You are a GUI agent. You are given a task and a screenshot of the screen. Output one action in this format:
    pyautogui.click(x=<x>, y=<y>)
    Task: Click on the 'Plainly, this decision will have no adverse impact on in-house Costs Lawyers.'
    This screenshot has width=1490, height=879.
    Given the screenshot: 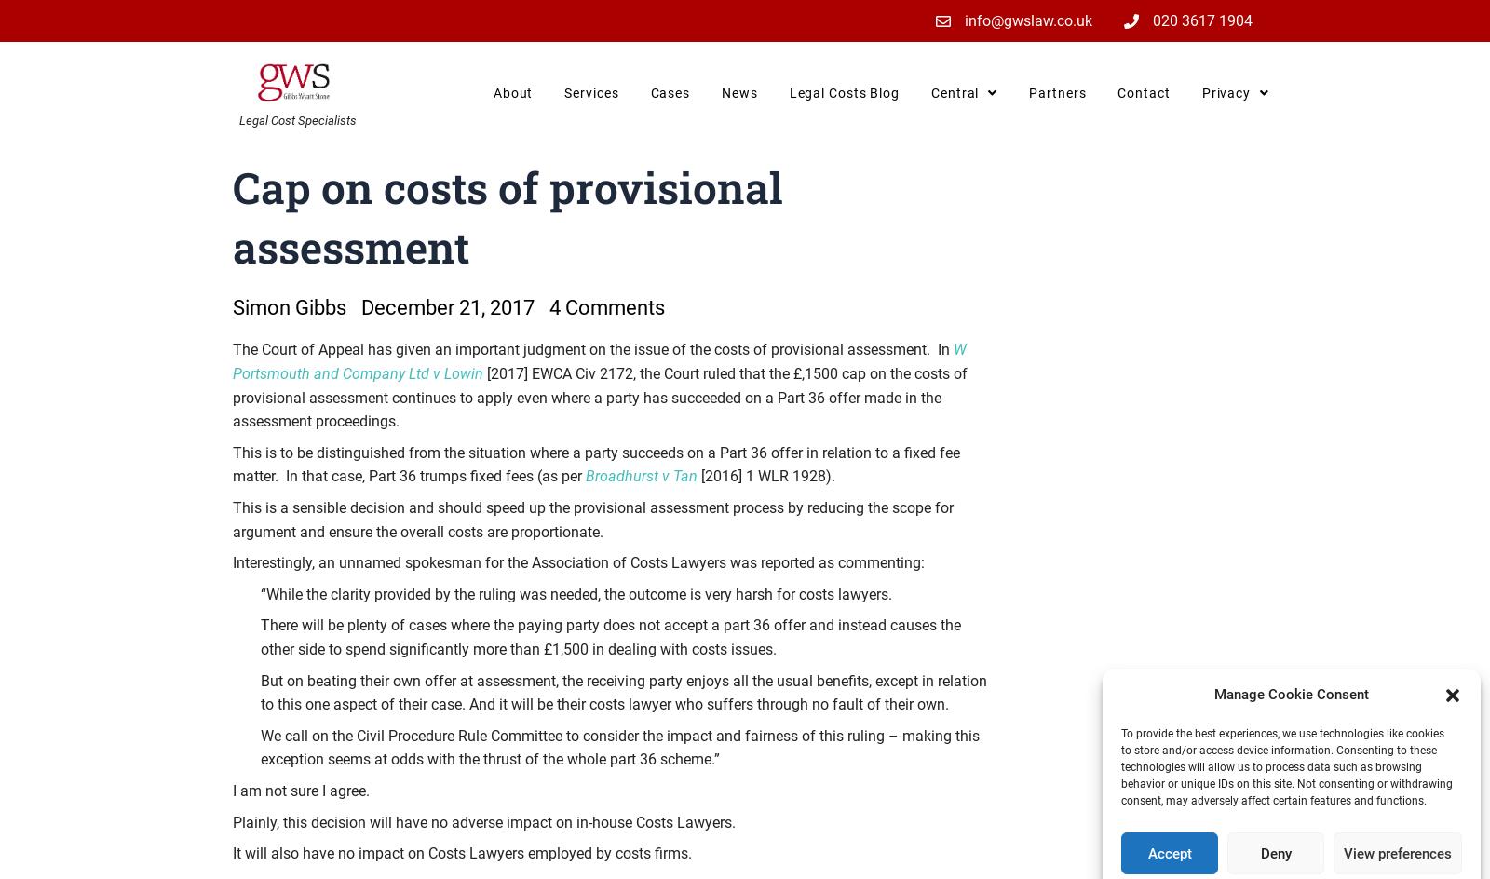 What is the action you would take?
    pyautogui.click(x=232, y=821)
    